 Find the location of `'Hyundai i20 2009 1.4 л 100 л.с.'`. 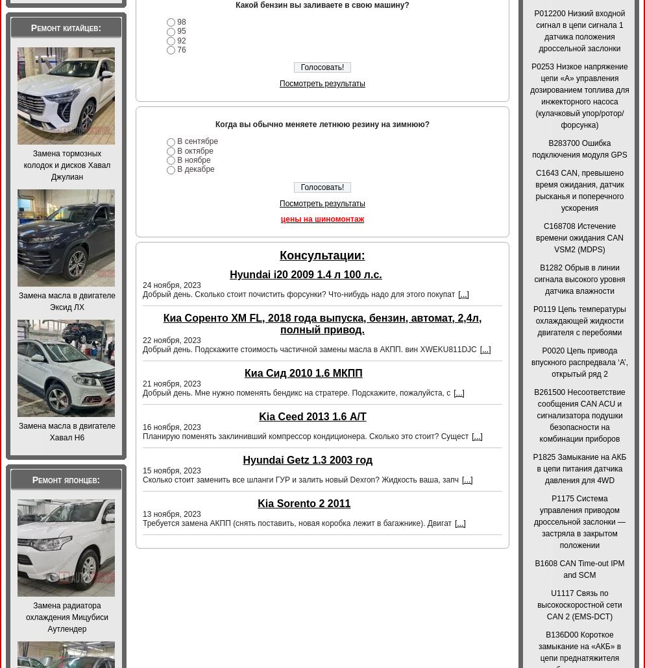

'Hyundai i20 2009 1.4 л 100 л.с.' is located at coordinates (304, 274).